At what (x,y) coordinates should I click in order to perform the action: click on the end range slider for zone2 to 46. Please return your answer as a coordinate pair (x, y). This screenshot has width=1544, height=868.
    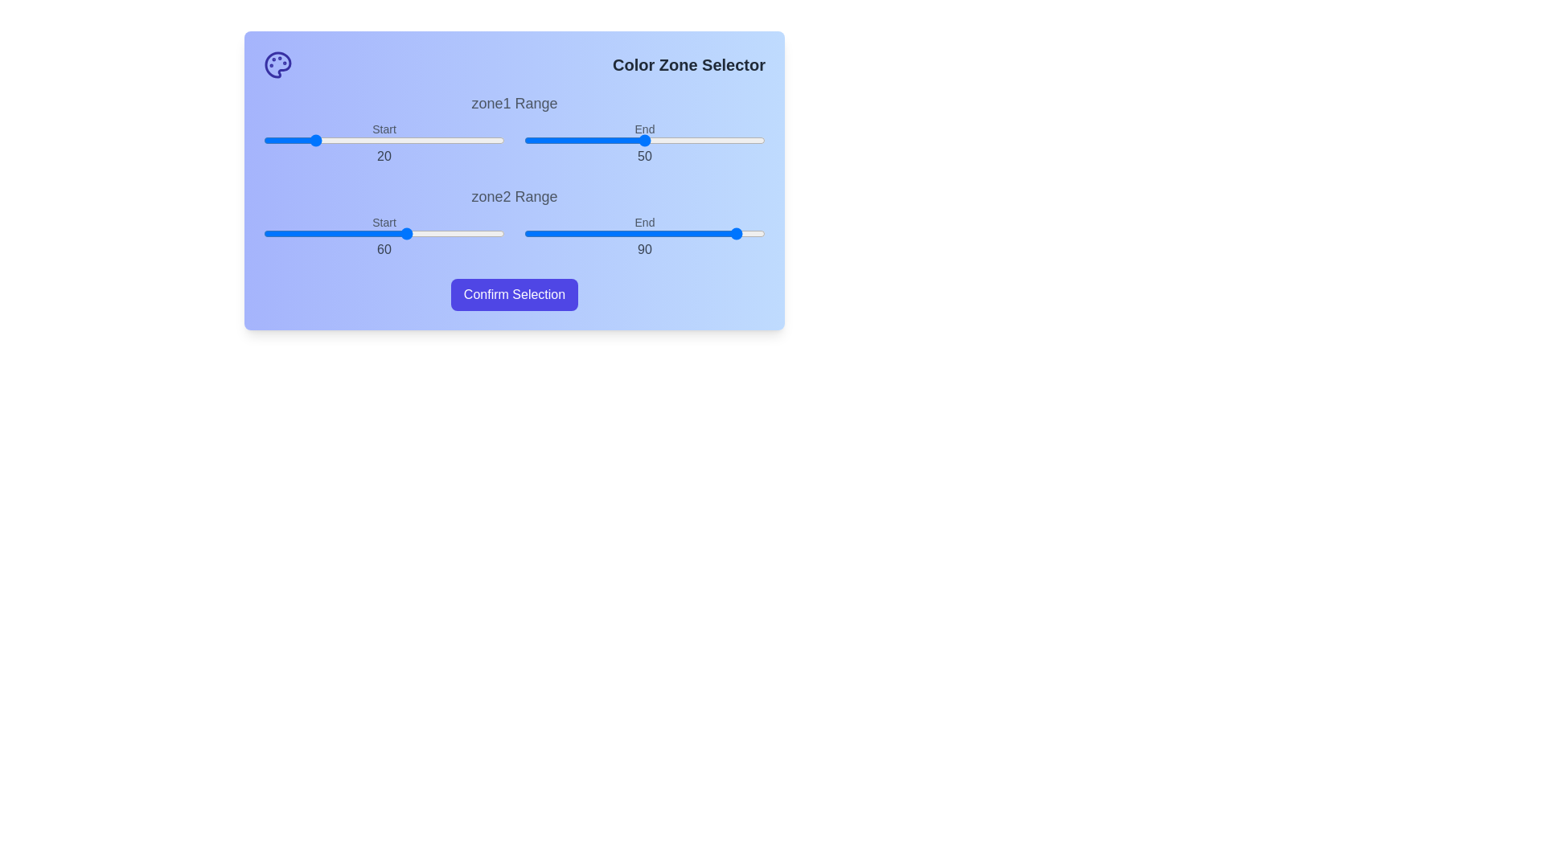
    Looking at the image, I should click on (634, 233).